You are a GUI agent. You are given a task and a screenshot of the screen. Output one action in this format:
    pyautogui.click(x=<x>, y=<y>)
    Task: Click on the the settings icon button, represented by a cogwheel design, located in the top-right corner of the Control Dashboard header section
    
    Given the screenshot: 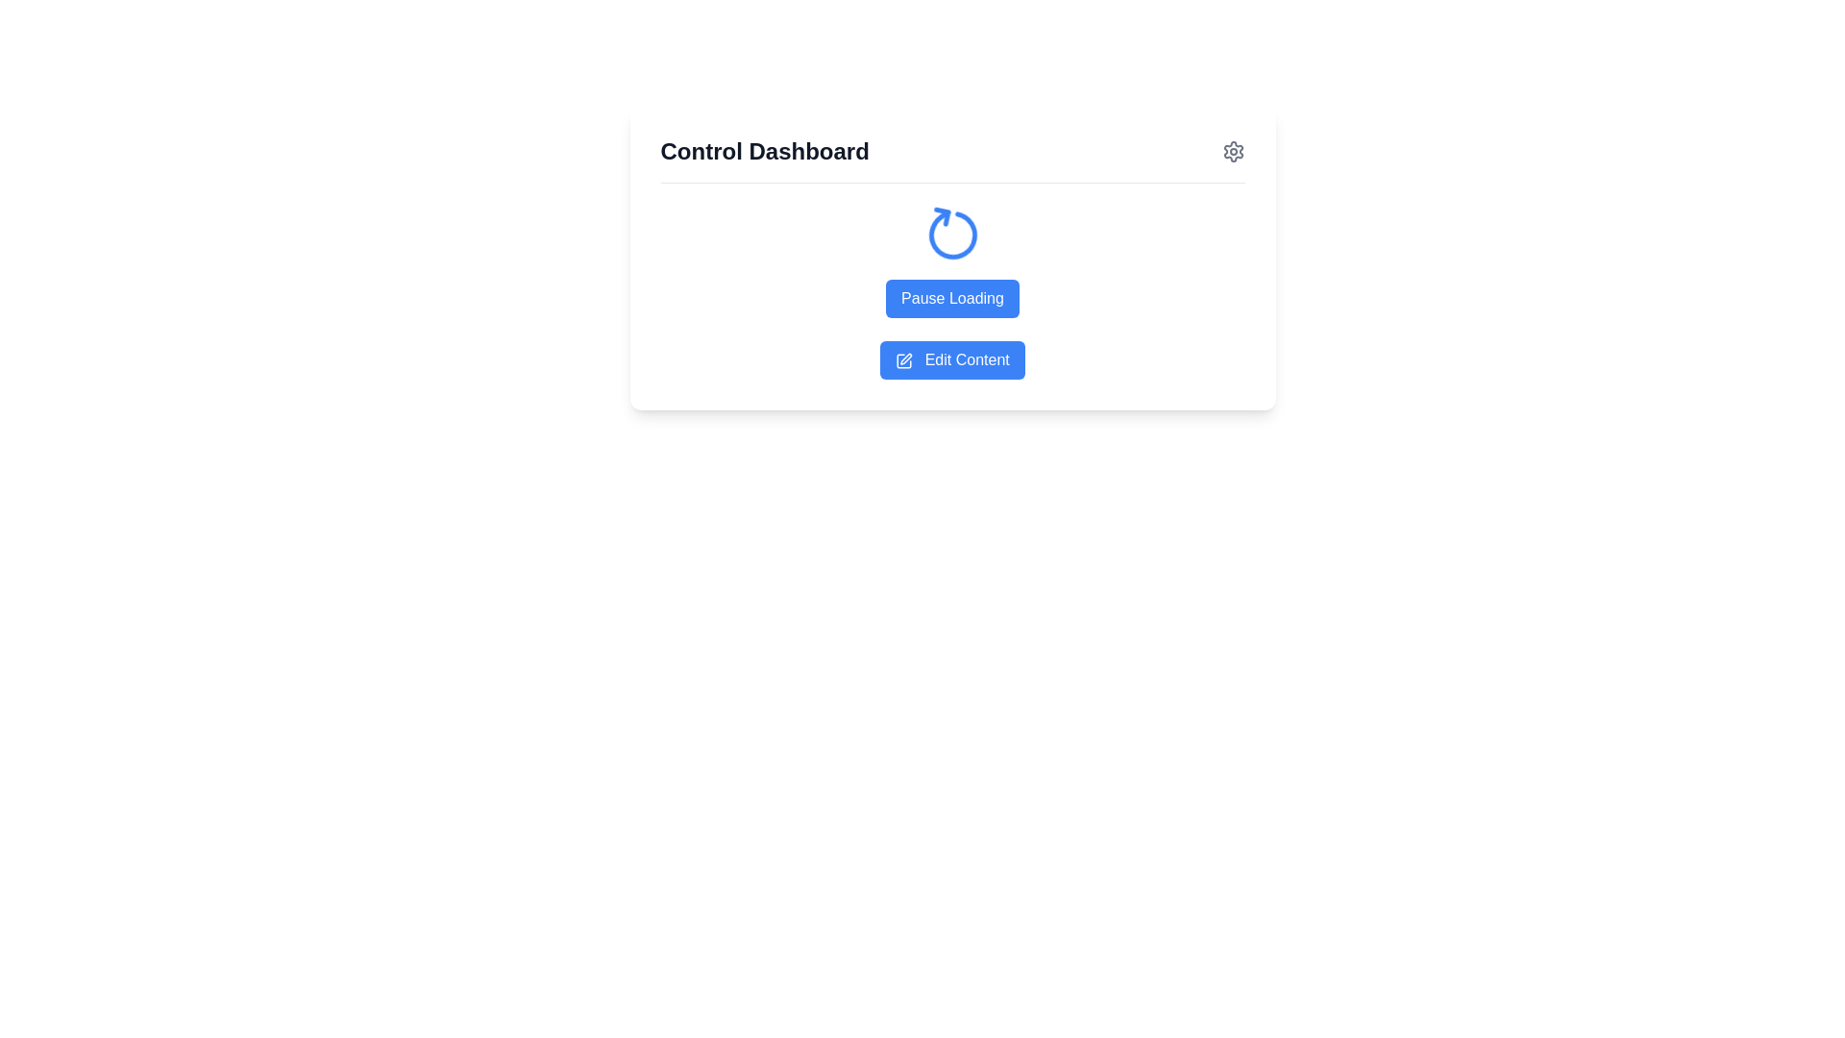 What is the action you would take?
    pyautogui.click(x=1233, y=151)
    